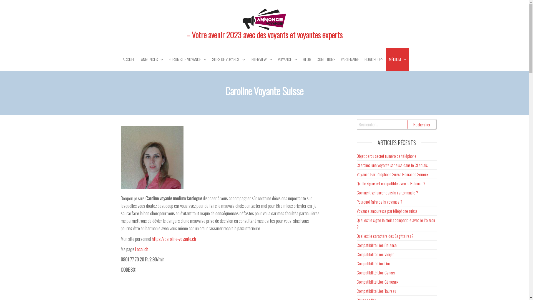 This screenshot has width=533, height=300. Describe the element at coordinates (142, 249) in the screenshot. I see `'Local.ch'` at that location.